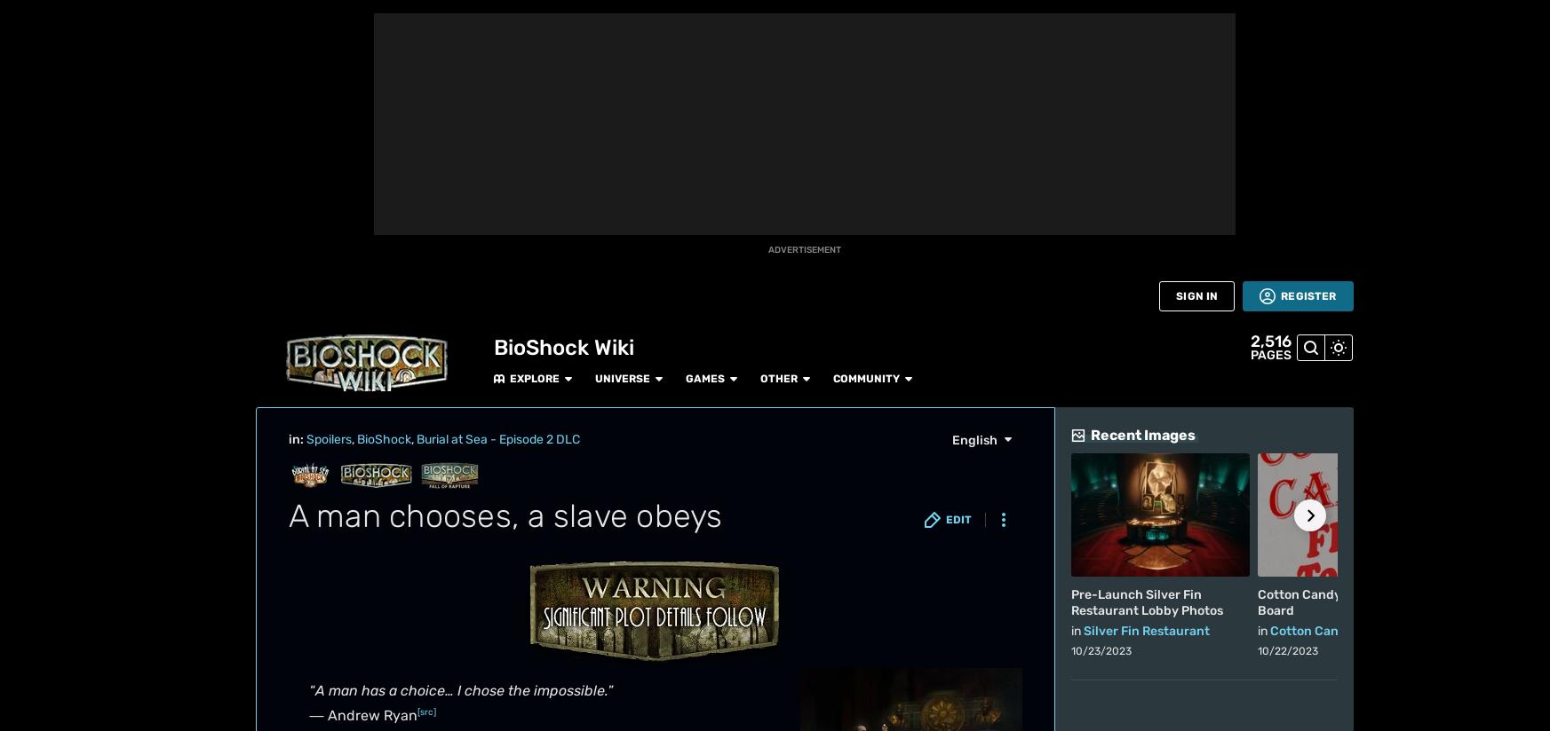 Image resolution: width=1550 pixels, height=731 pixels. I want to click on '.', so click(719, 210).